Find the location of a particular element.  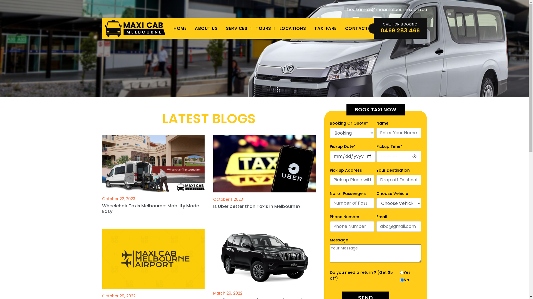

'TOURS' is located at coordinates (263, 28).